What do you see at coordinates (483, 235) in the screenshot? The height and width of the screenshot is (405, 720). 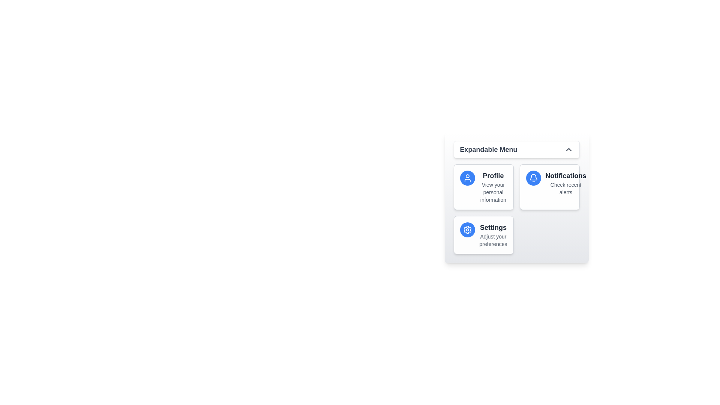 I see `the menu item labeled Settings` at bounding box center [483, 235].